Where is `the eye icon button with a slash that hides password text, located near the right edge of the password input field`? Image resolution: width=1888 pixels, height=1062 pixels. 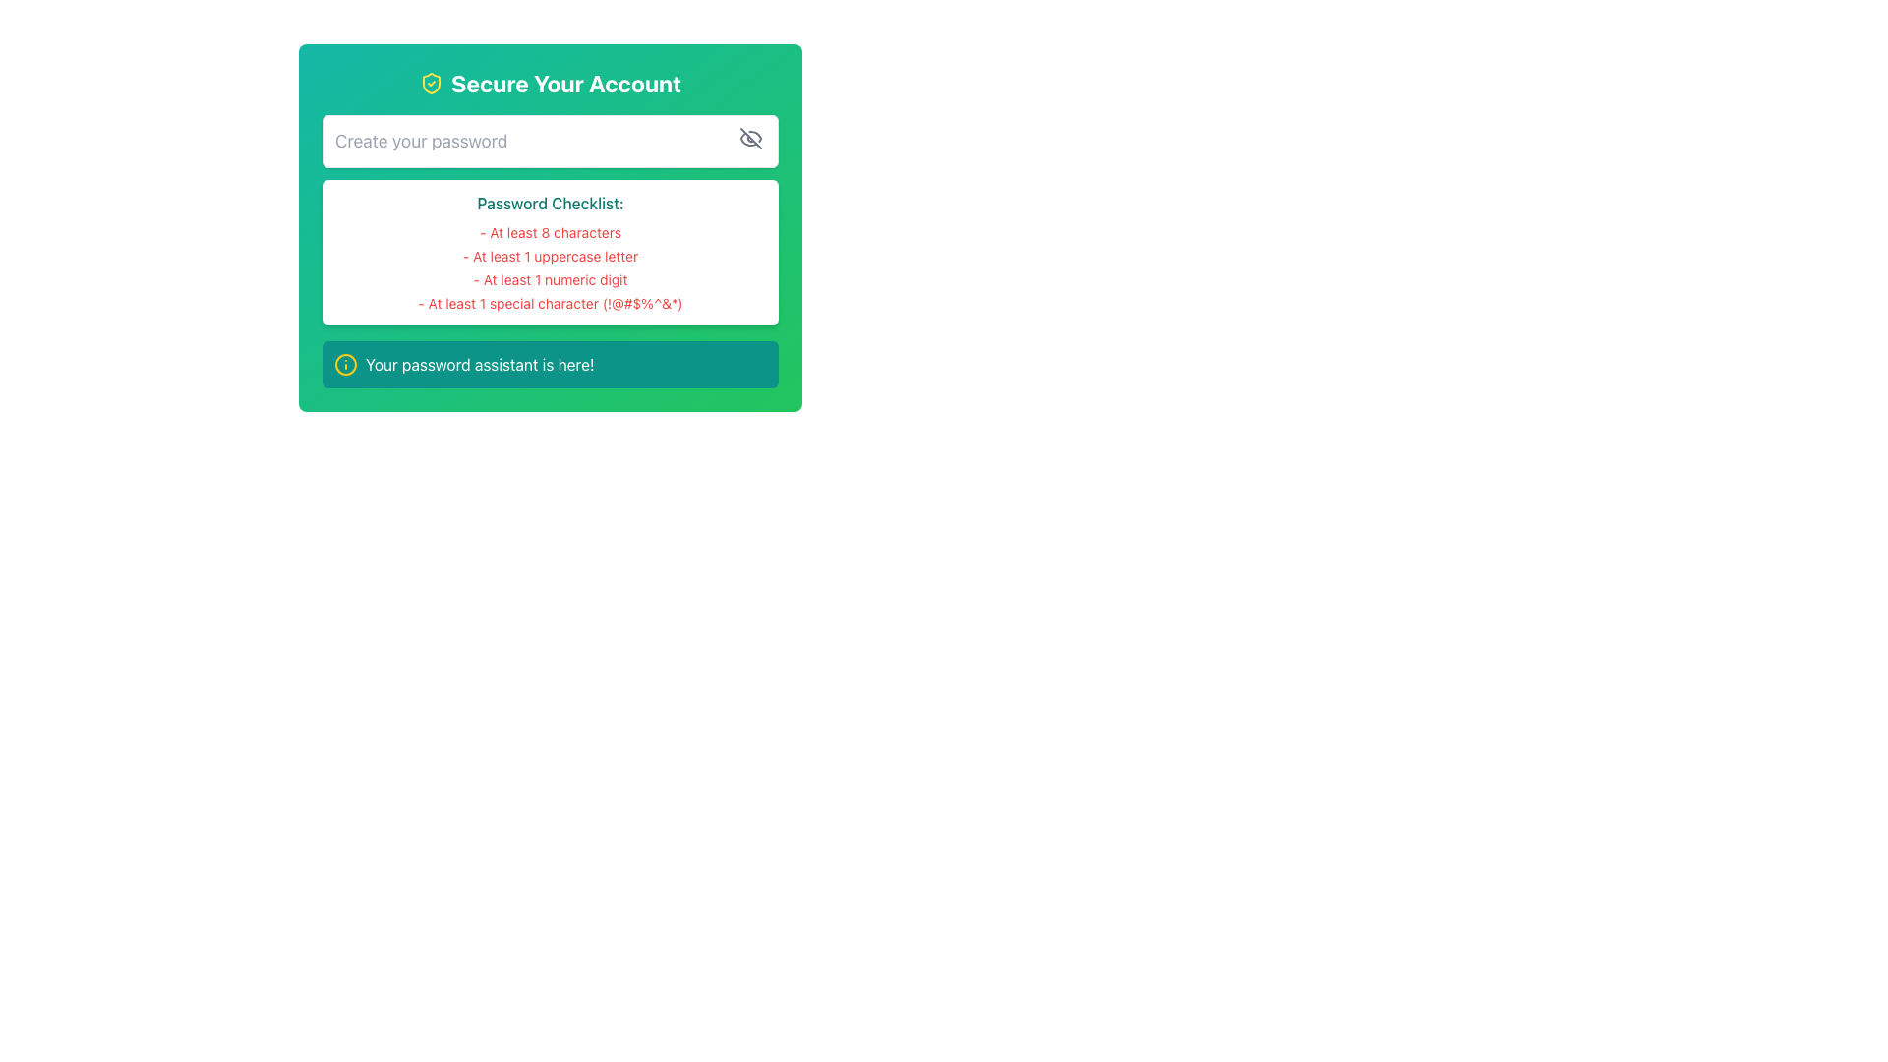
the eye icon button with a slash that hides password text, located near the right edge of the password input field is located at coordinates (749, 138).